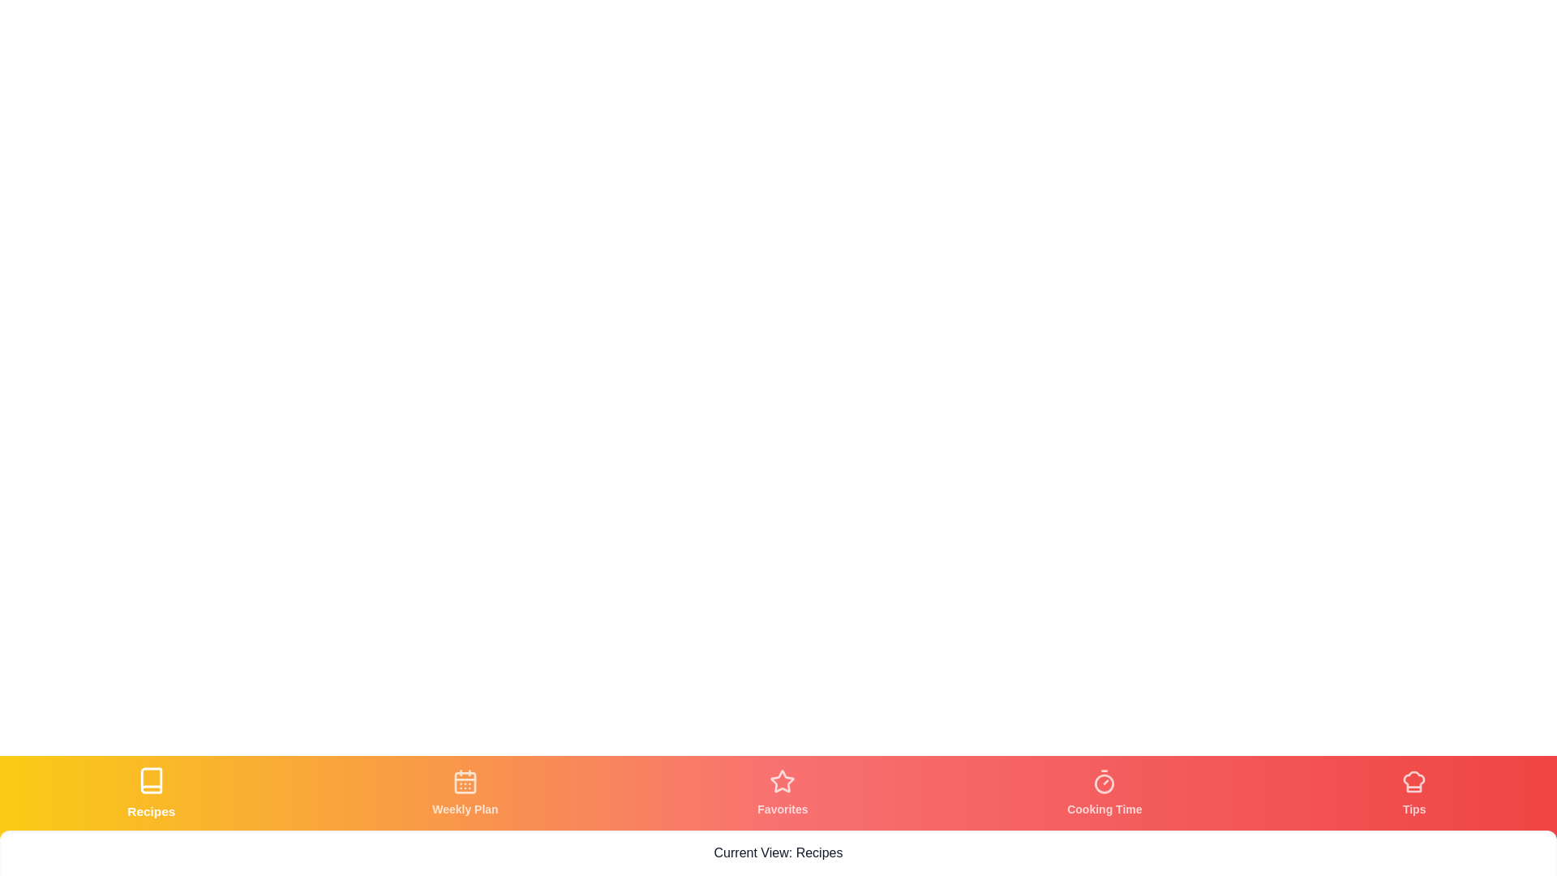 The width and height of the screenshot is (1557, 876). I want to click on the tab corresponding to Recipes by clicking its icon or label, so click(151, 792).